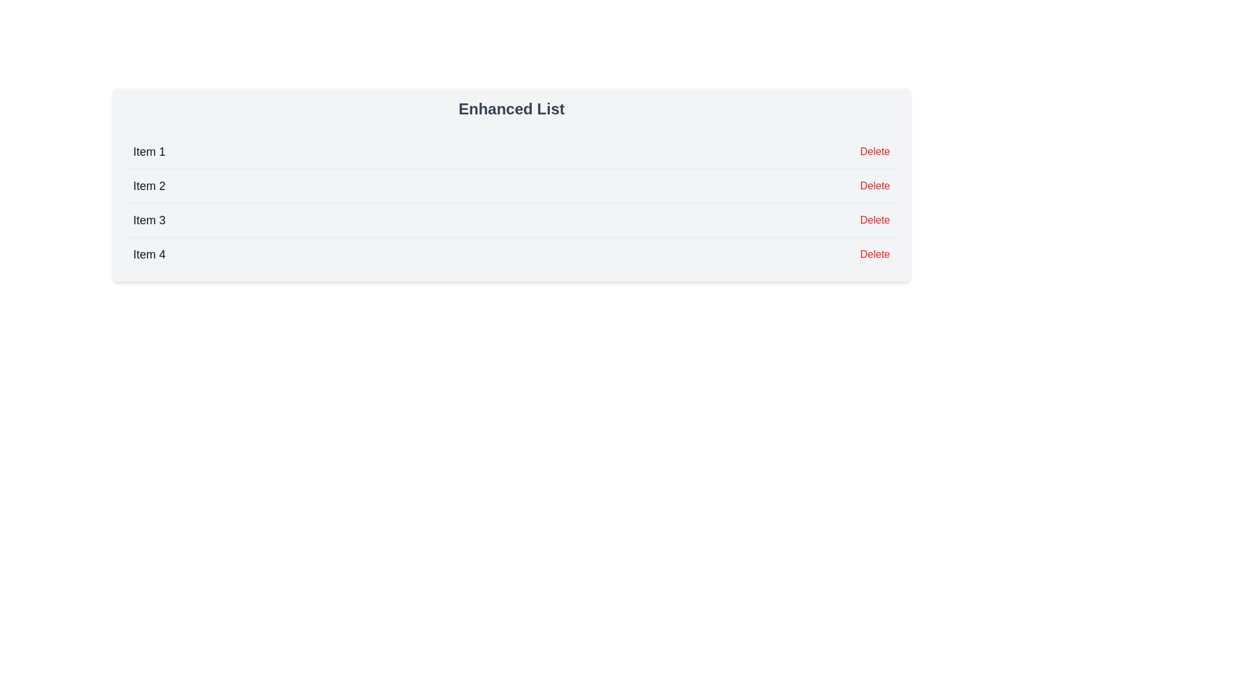 This screenshot has height=698, width=1242. I want to click on the 'Delete' button labeled in red font associated with 'Item 3' in the upper-right section of the third row, so click(875, 219).